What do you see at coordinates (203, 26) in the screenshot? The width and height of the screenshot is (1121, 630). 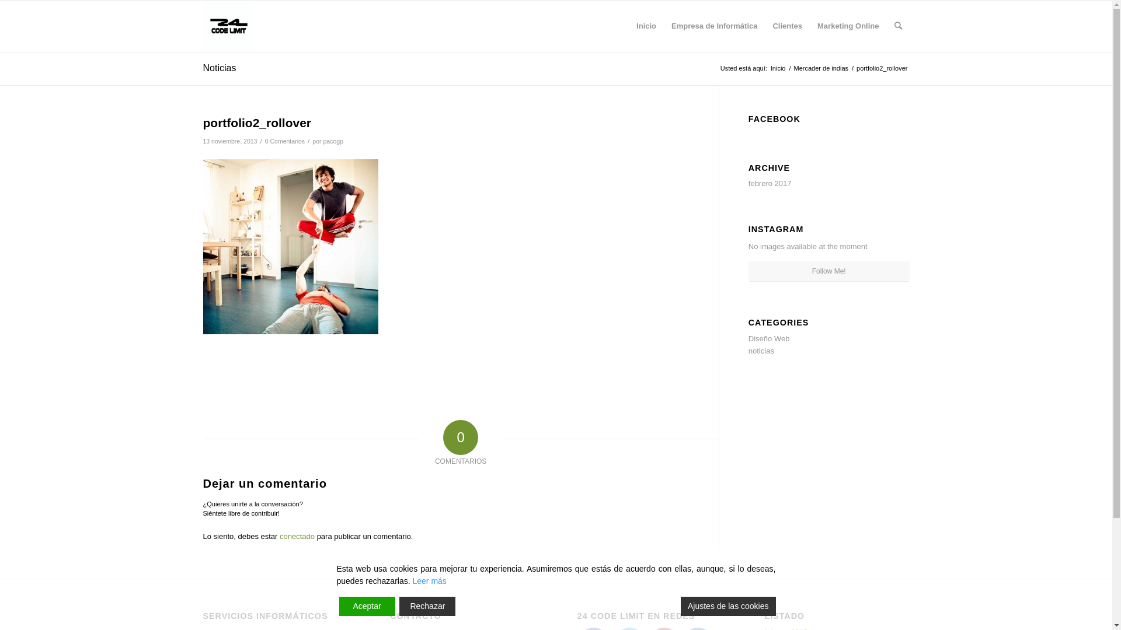 I see `'cropped-Logo-24-Code-Limit-blanco-pequeno.jpg'` at bounding box center [203, 26].